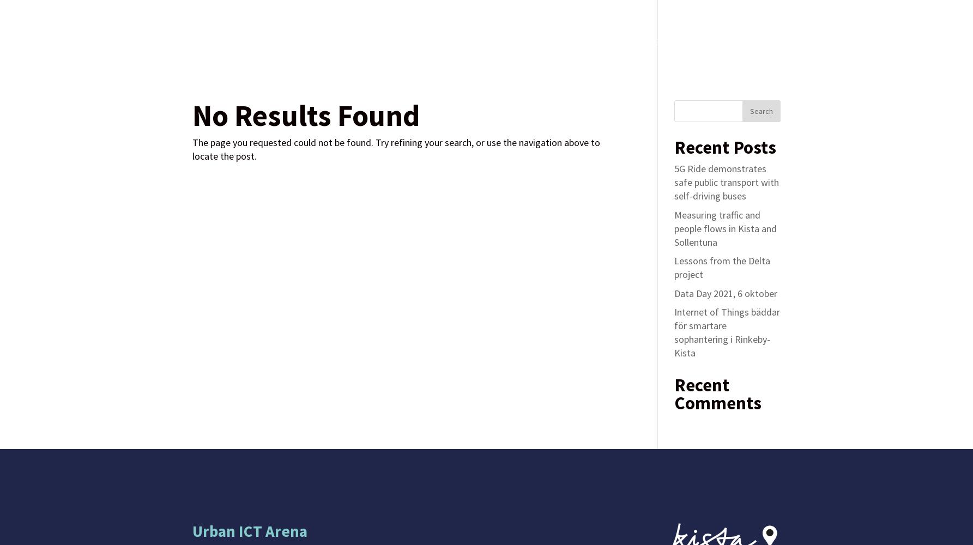 The width and height of the screenshot is (973, 545). Describe the element at coordinates (461, 41) in the screenshot. I see `'Internet of Things'` at that location.